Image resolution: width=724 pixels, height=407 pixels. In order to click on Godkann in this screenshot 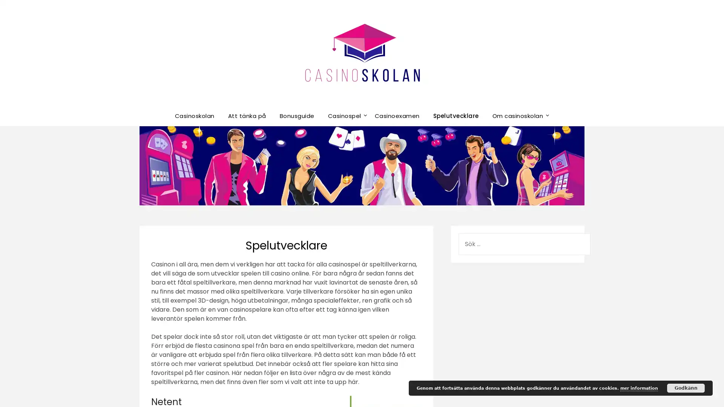, I will do `click(686, 388)`.